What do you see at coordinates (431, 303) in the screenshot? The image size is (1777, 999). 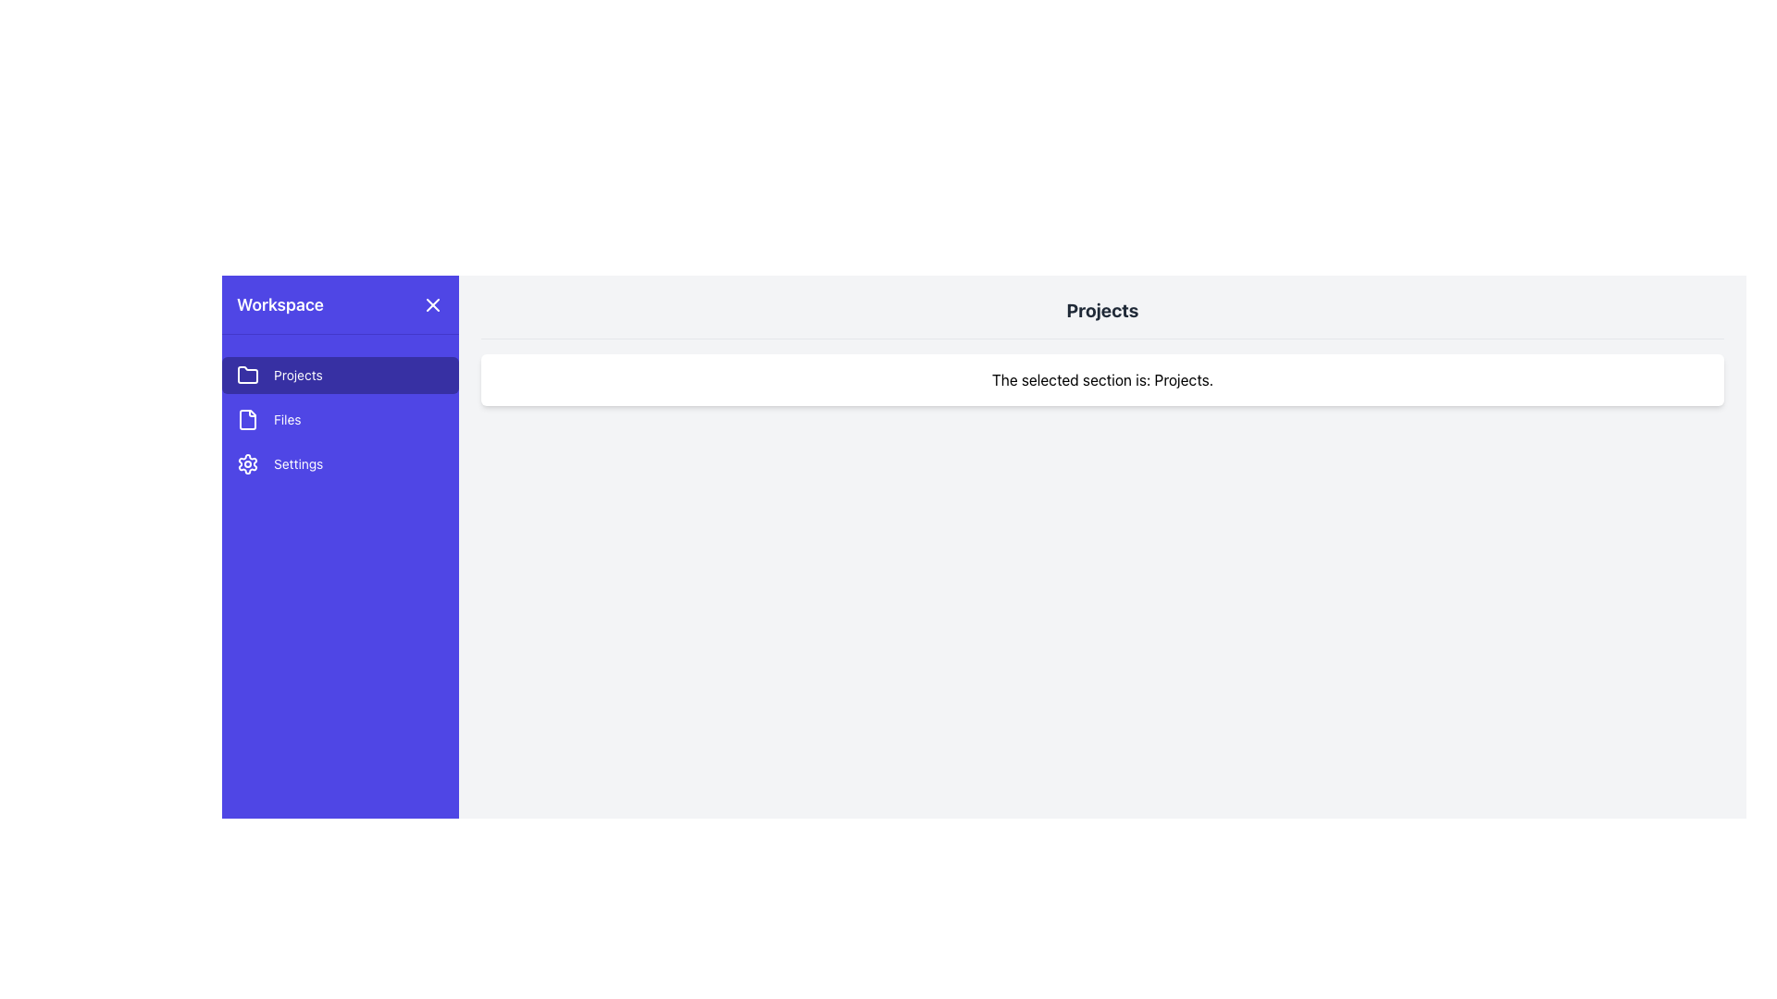 I see `the diagonal cross 'X' icon located in the header of the application's sidebar` at bounding box center [431, 303].